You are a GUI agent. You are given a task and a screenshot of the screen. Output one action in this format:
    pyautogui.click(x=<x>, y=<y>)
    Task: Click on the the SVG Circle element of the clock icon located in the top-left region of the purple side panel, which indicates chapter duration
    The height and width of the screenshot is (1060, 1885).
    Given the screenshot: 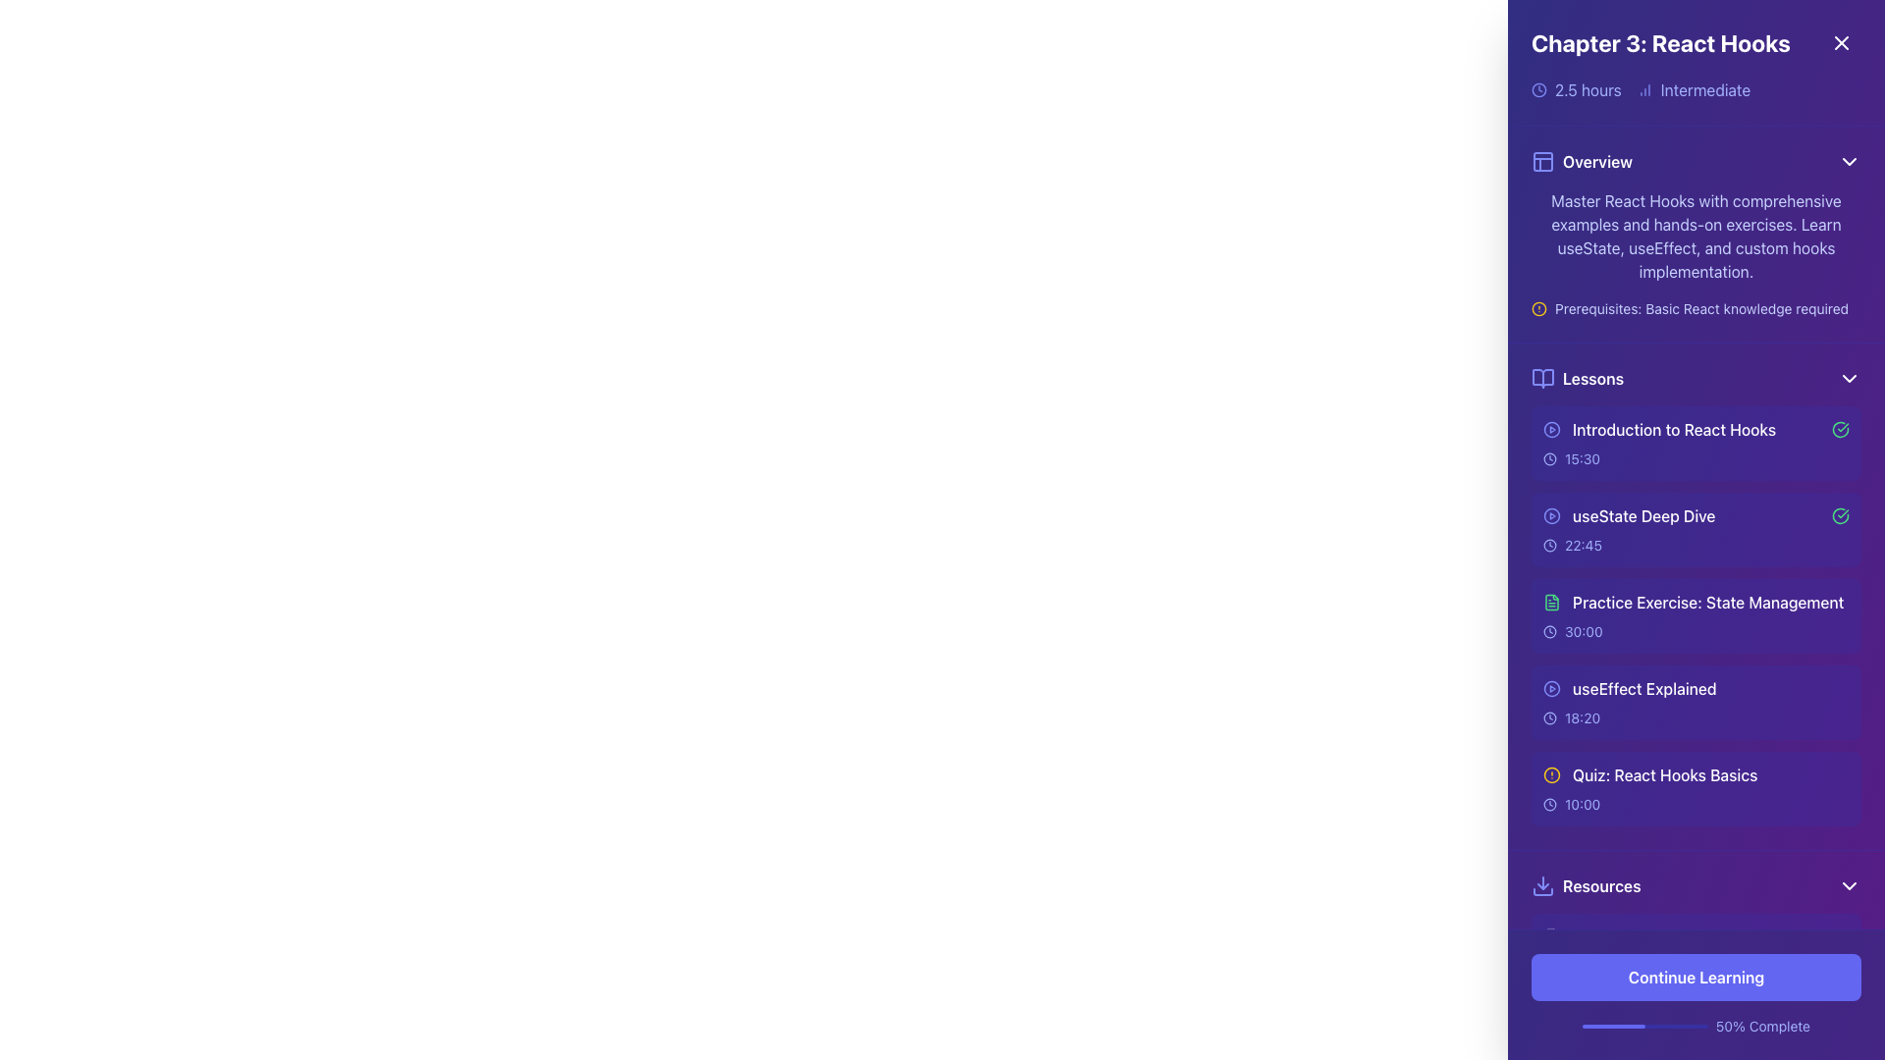 What is the action you would take?
    pyautogui.click(x=1538, y=90)
    